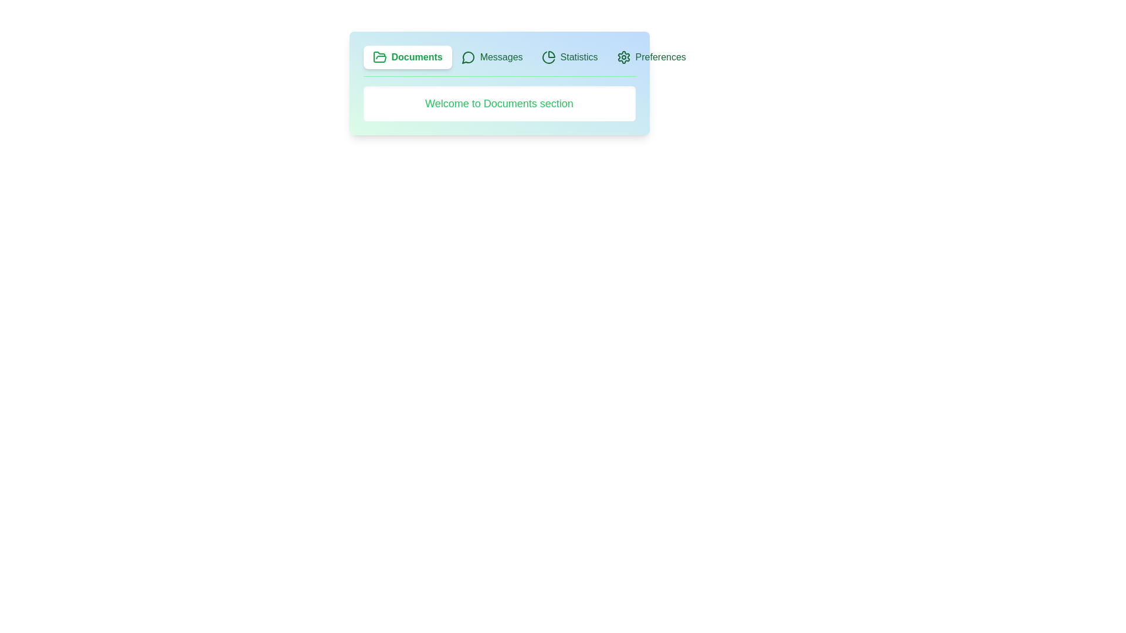  Describe the element at coordinates (623, 57) in the screenshot. I see `the icon associated with the Preferences tab` at that location.